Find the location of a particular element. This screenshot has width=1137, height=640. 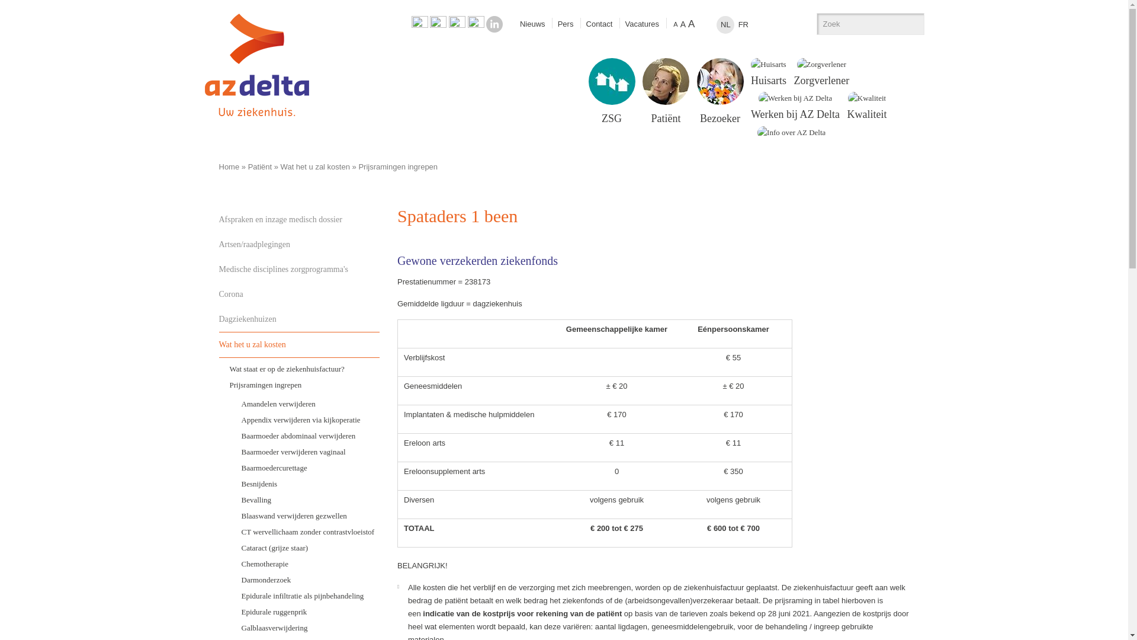

'Vacatures' is located at coordinates (641, 24).